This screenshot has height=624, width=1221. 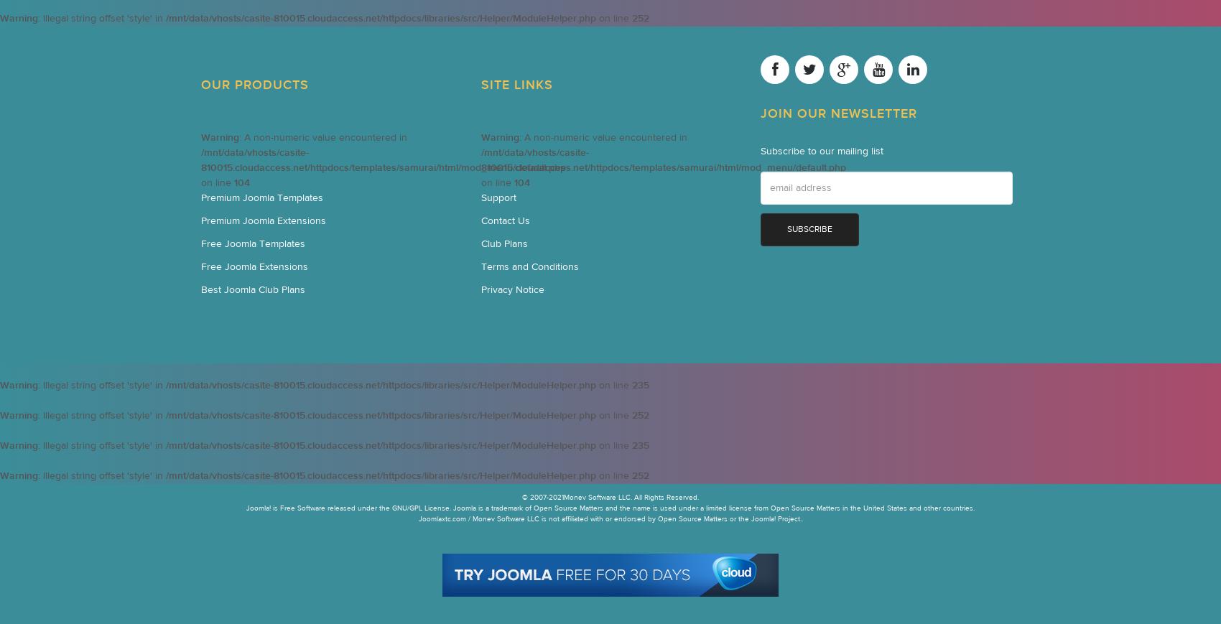 I want to click on 'Club Plans', so click(x=503, y=243).